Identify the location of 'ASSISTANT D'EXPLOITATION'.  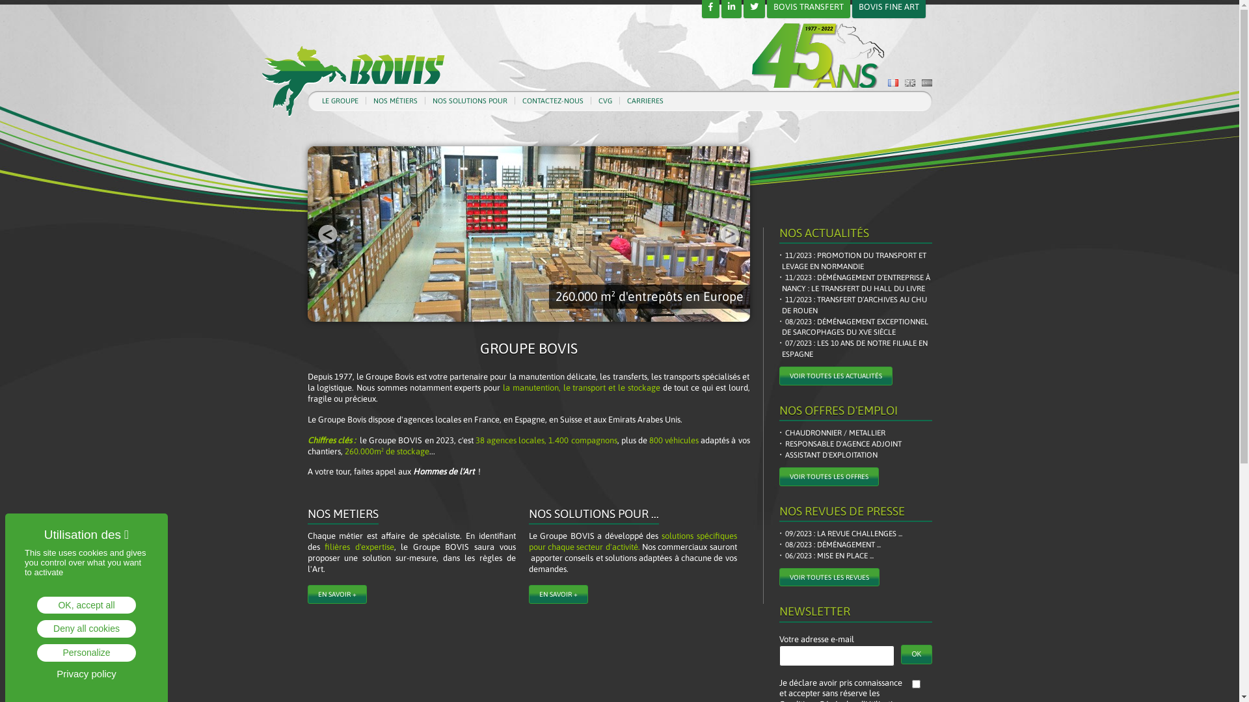
(781, 454).